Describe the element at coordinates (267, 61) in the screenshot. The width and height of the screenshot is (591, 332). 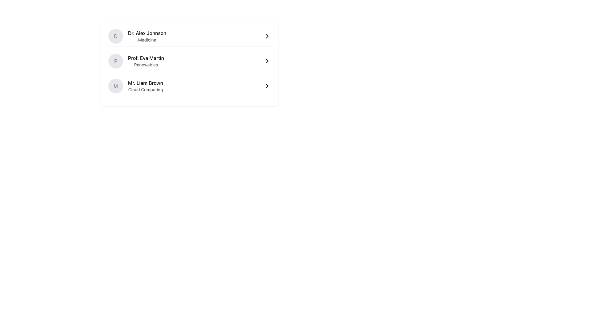
I see `the rightward-pointing chevron symbol located at the far right side of the middle list item, adjacent to the 'Prof. Eva Martin' label and the 'Renewables' subtext` at that location.